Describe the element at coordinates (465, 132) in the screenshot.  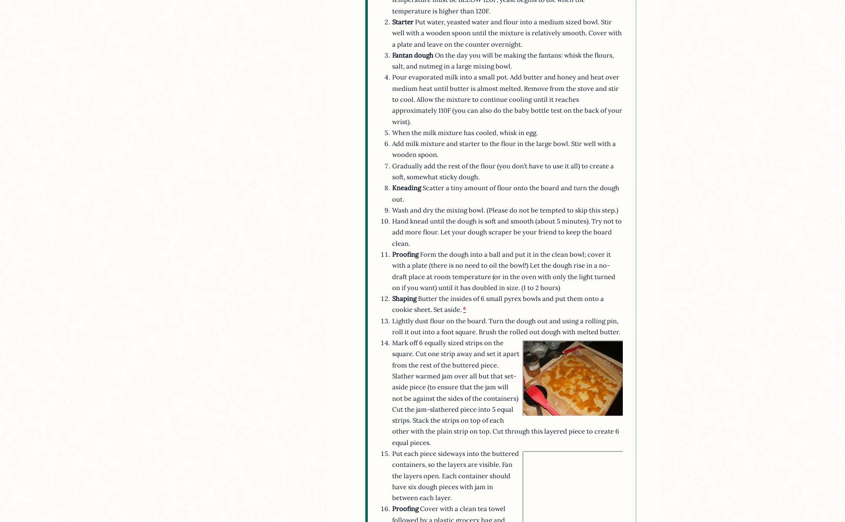
I see `'When the milk mixture has cooled, whisk in egg.'` at that location.